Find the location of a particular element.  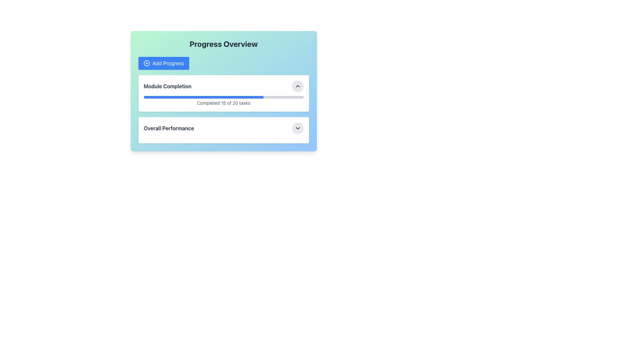

the downward-pointing chevron icon located inside a rounded rectangular button at the right end of the 'Overall Performance' section bar is located at coordinates (297, 128).